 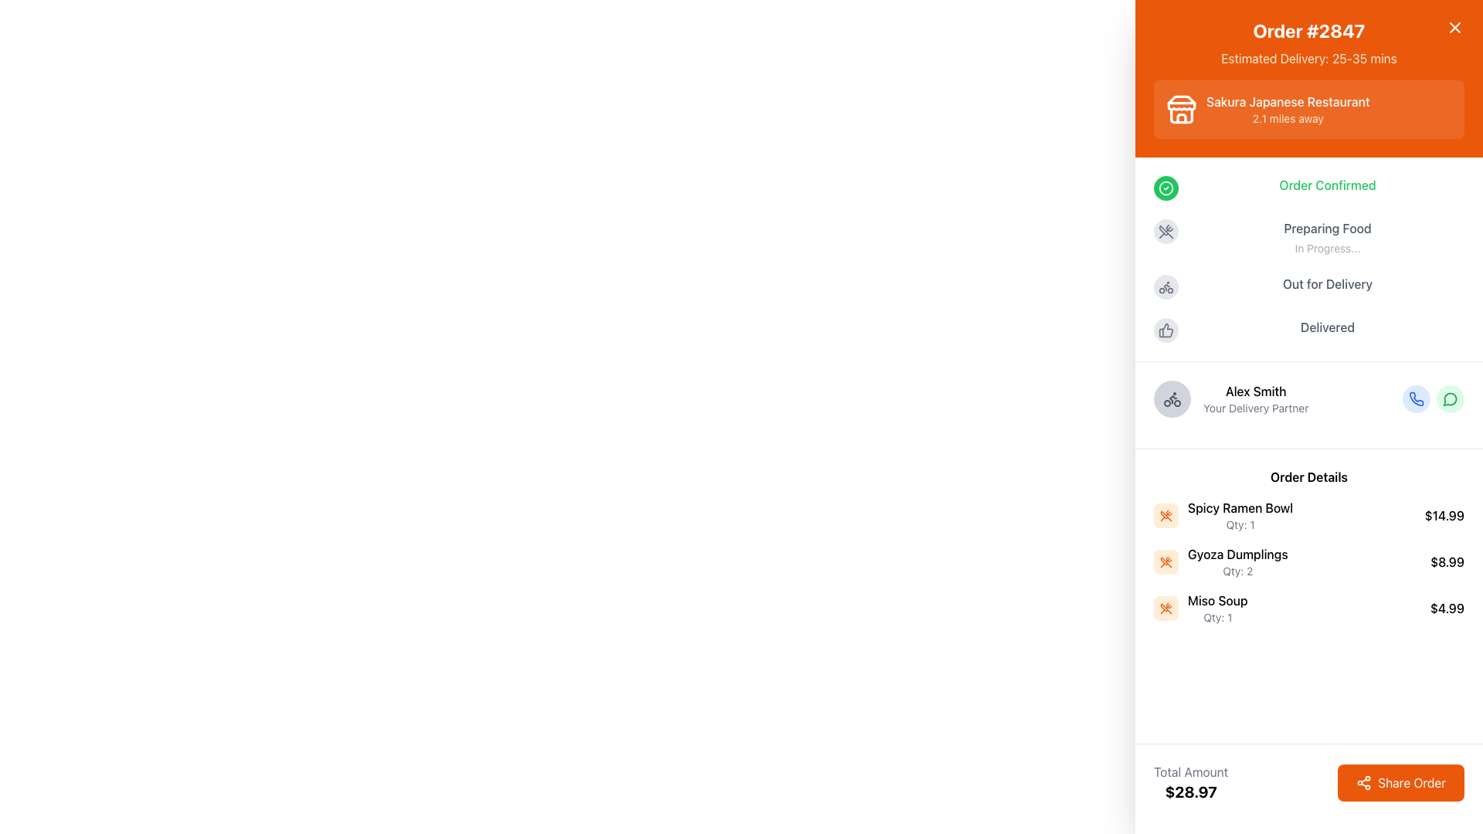 What do you see at coordinates (1166, 562) in the screenshot?
I see `the food item icon representing 'Gyoza Dumplings' in the order list located in the 'Order Details' section` at bounding box center [1166, 562].